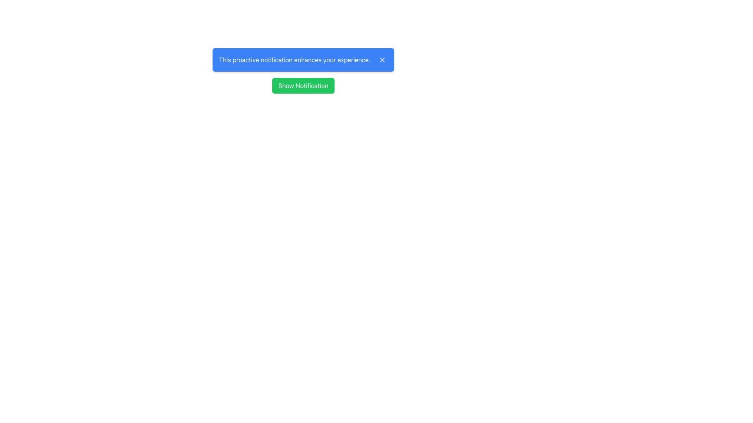  I want to click on the close button located at the top-right corner of the blue notification bar, so click(382, 60).